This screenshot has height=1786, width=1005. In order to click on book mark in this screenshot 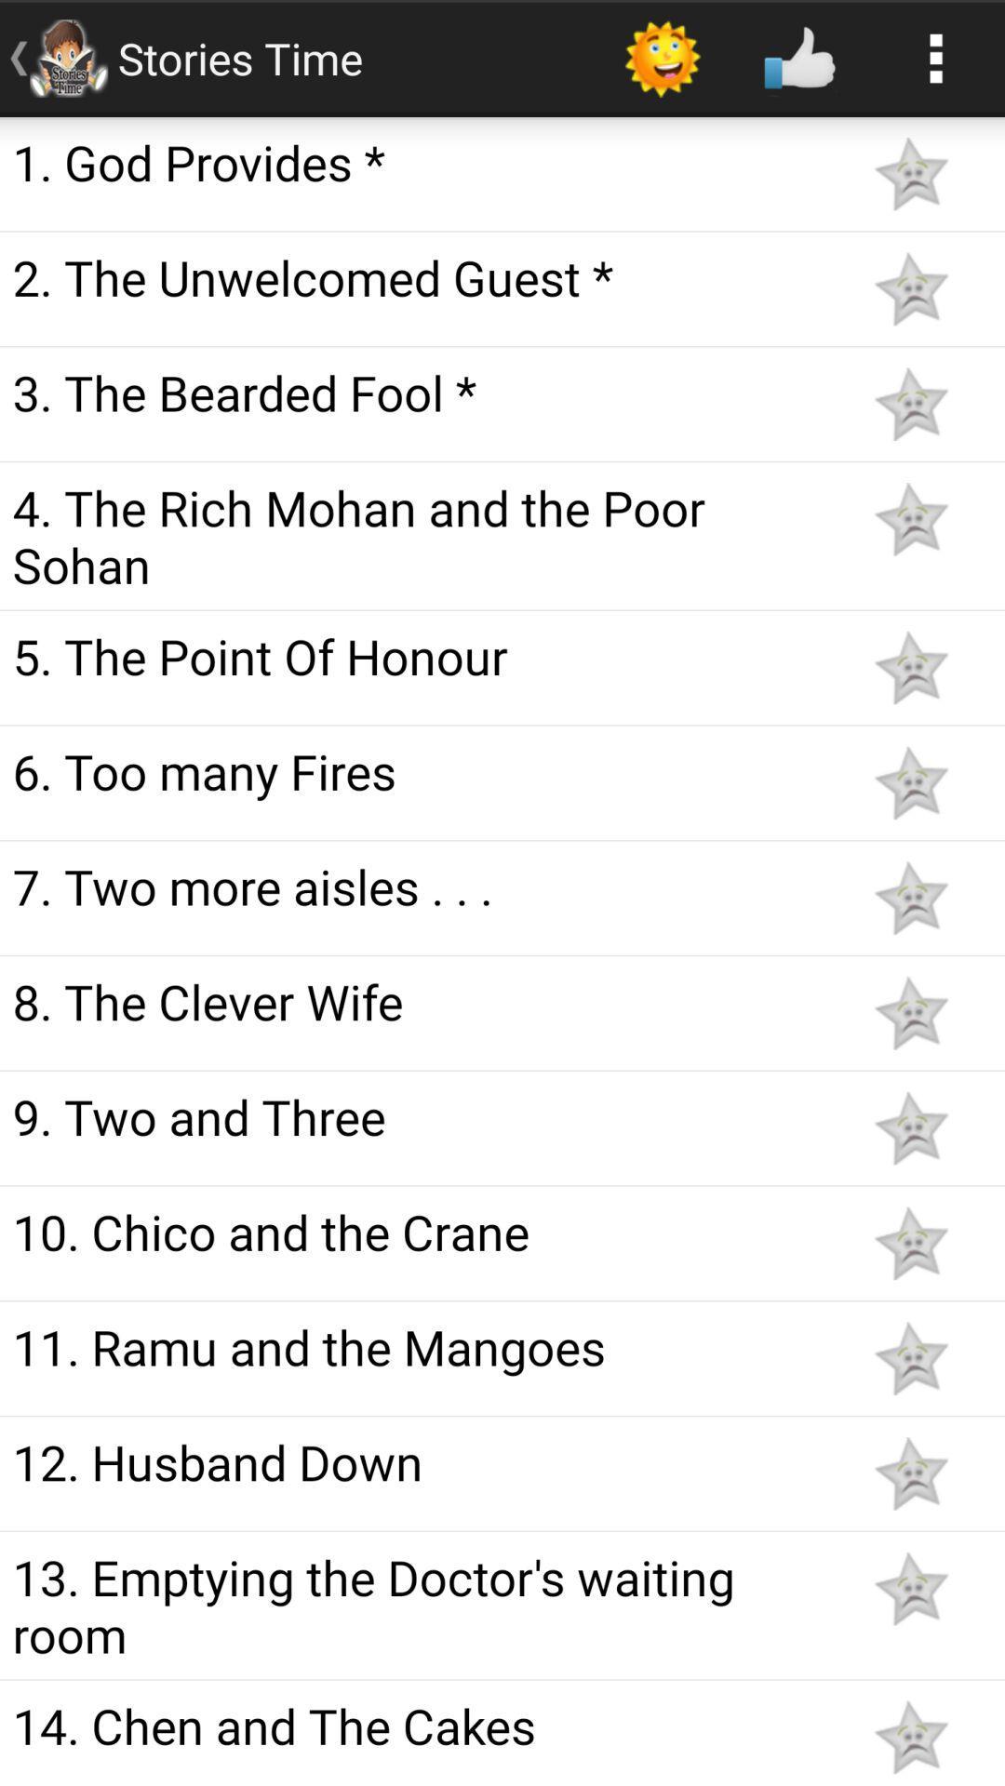, I will do `click(910, 1012)`.